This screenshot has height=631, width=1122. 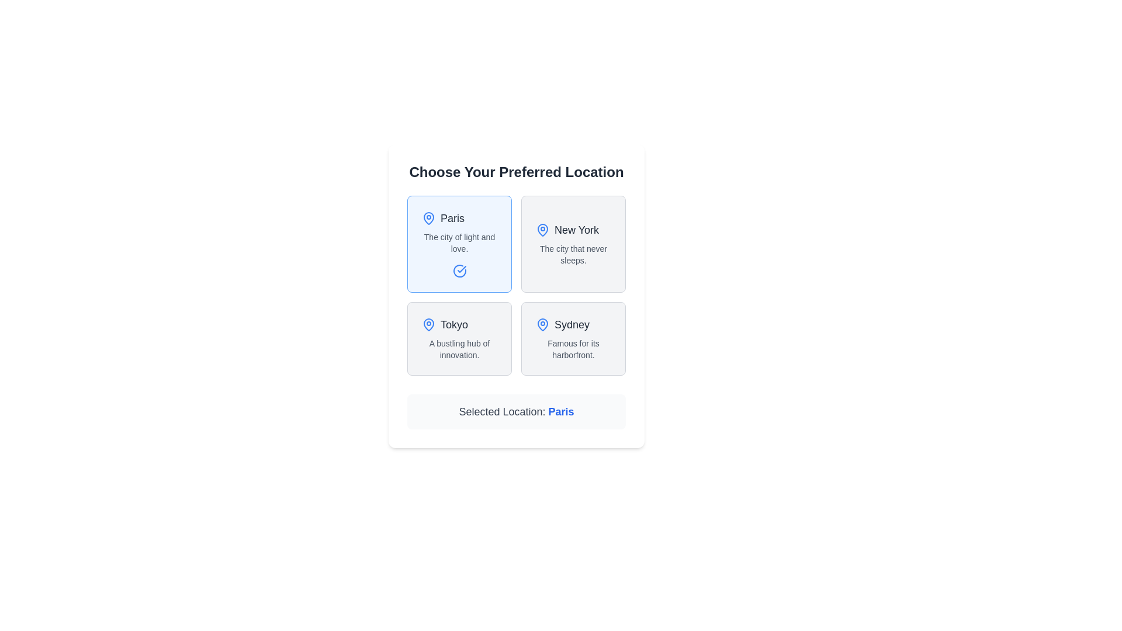 I want to click on text description element located below the title 'Tokyo' in the selection card for the Tokyo location, so click(x=459, y=348).